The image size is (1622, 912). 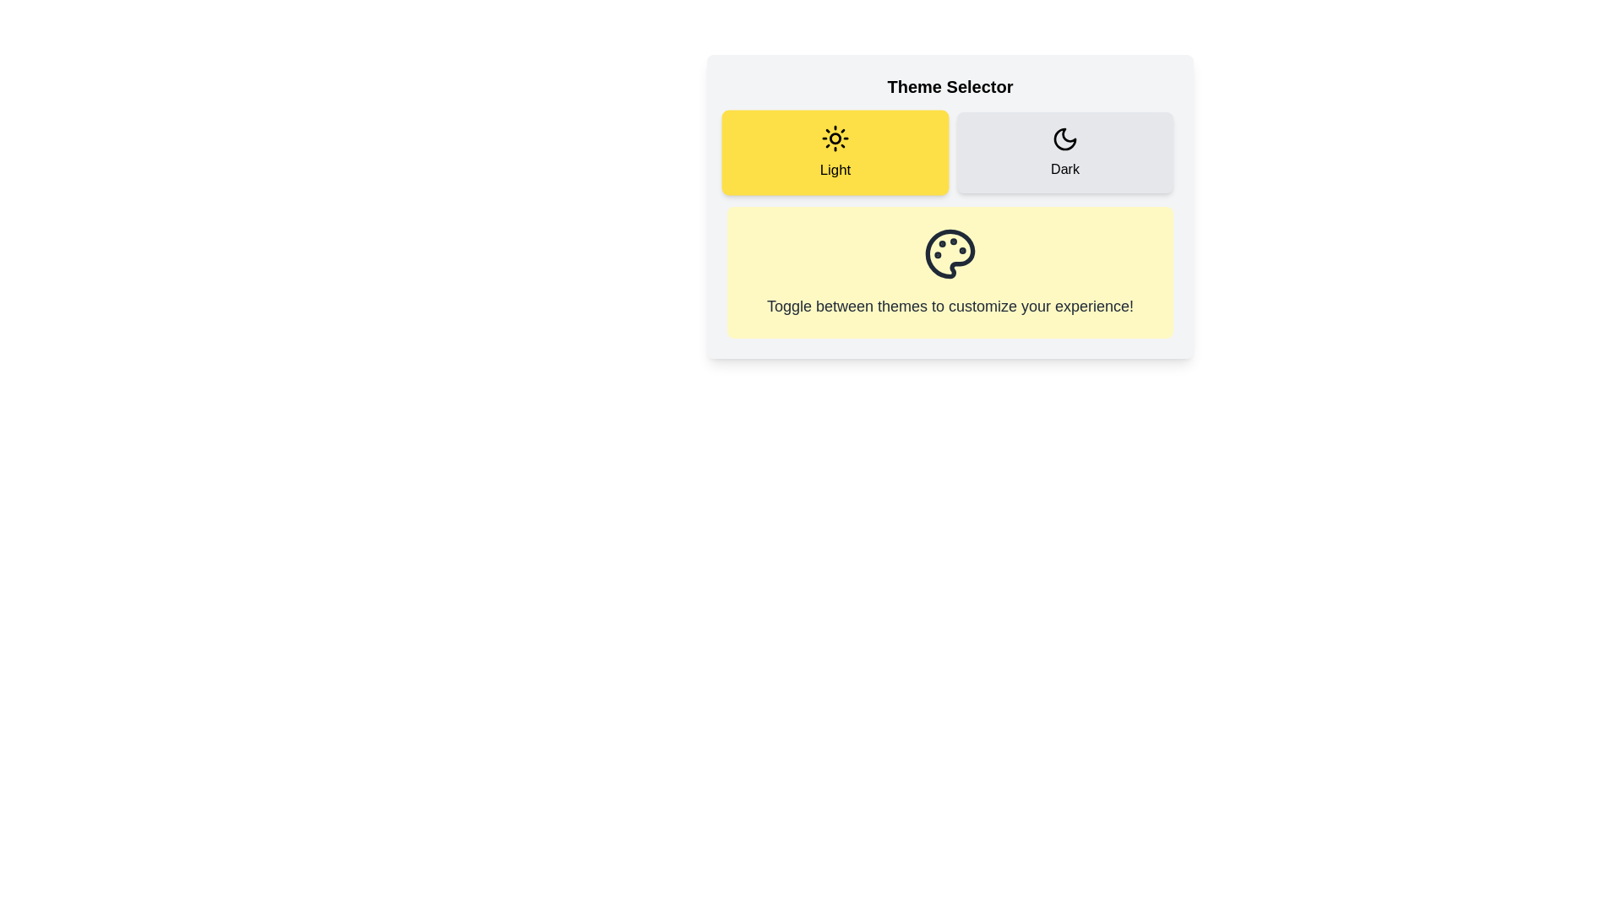 I want to click on the artist's palette vector graphic icon, which features a circular shape with multiple paint dabs, located below the 'Light' and 'Dark' buttons in the theme selector UI, so click(x=950, y=253).